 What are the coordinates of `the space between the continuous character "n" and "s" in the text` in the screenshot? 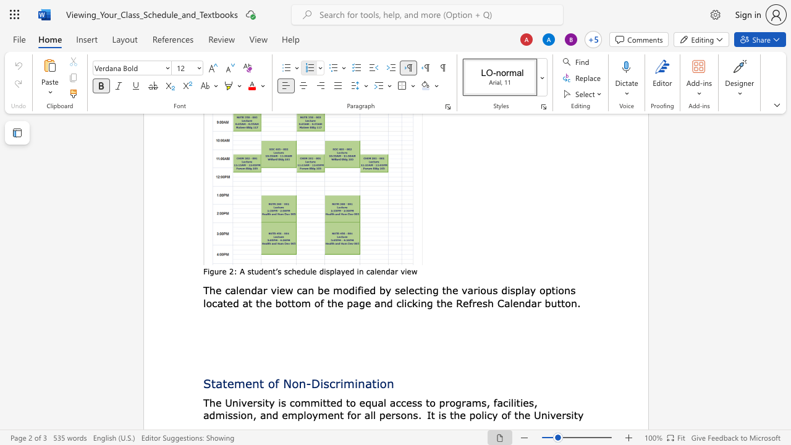 It's located at (569, 290).